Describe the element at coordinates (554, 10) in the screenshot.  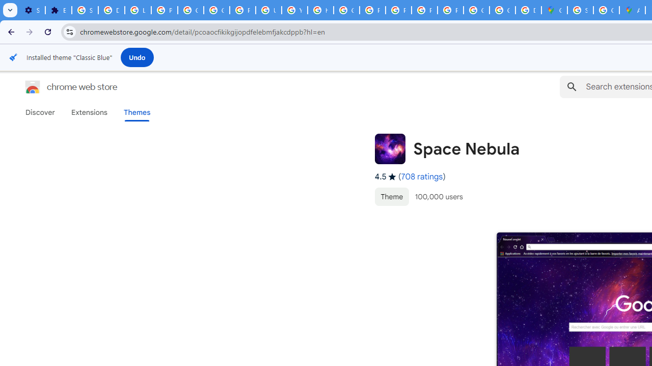
I see `'Google Maps'` at that location.